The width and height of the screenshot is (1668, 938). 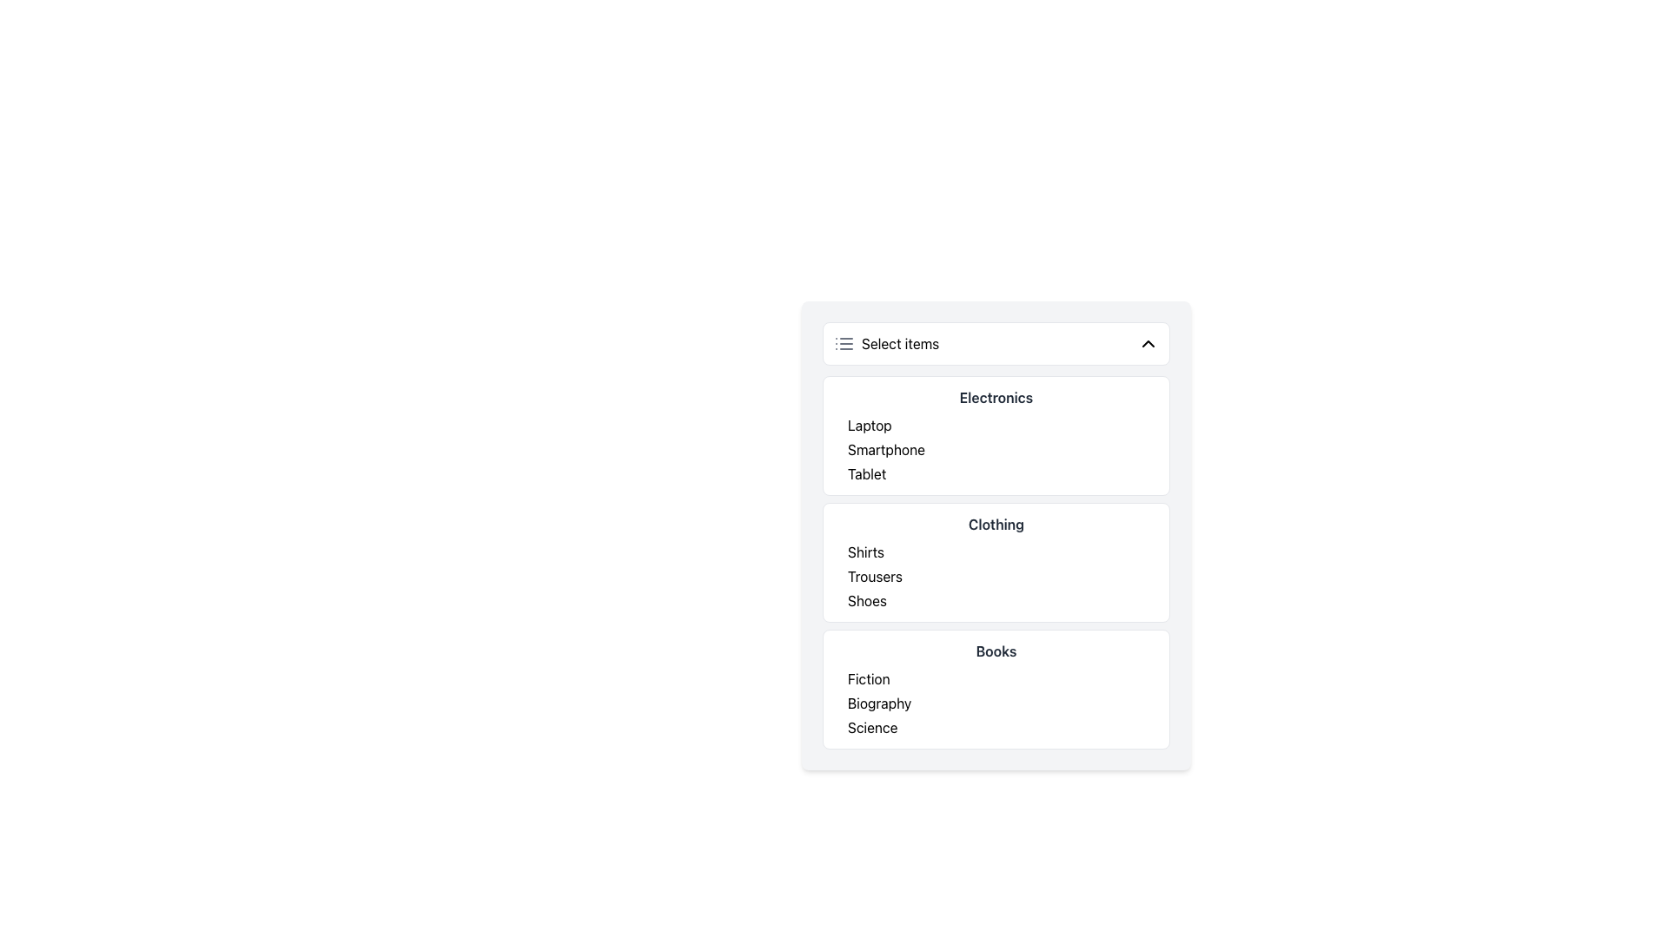 I want to click on the text label displaying 'Fiction' in the 'Books' section of the dropdown menu, so click(x=869, y=678).